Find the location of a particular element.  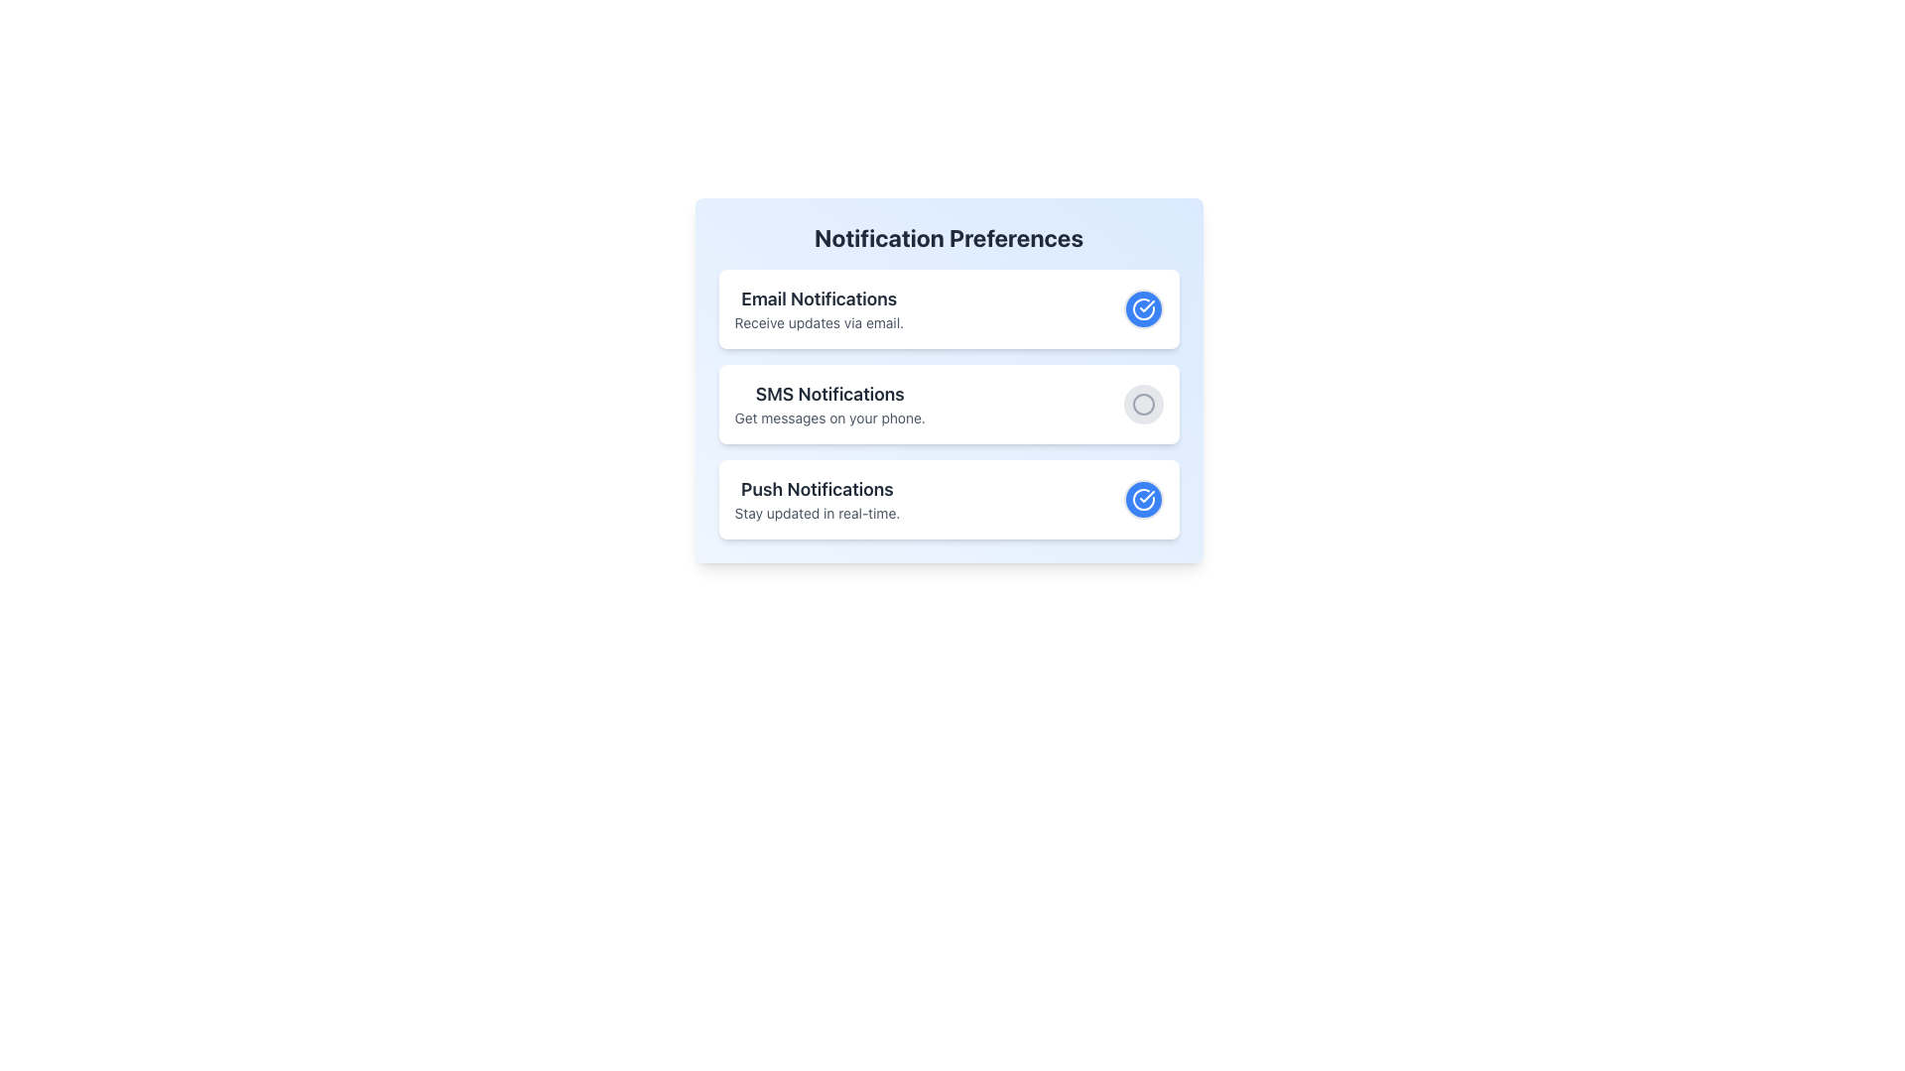

the small-sized text displaying 'Receive updates via email.' which is positioned beneath the bold title 'Email Notifications' in the 'Notification Preferences' section is located at coordinates (819, 322).